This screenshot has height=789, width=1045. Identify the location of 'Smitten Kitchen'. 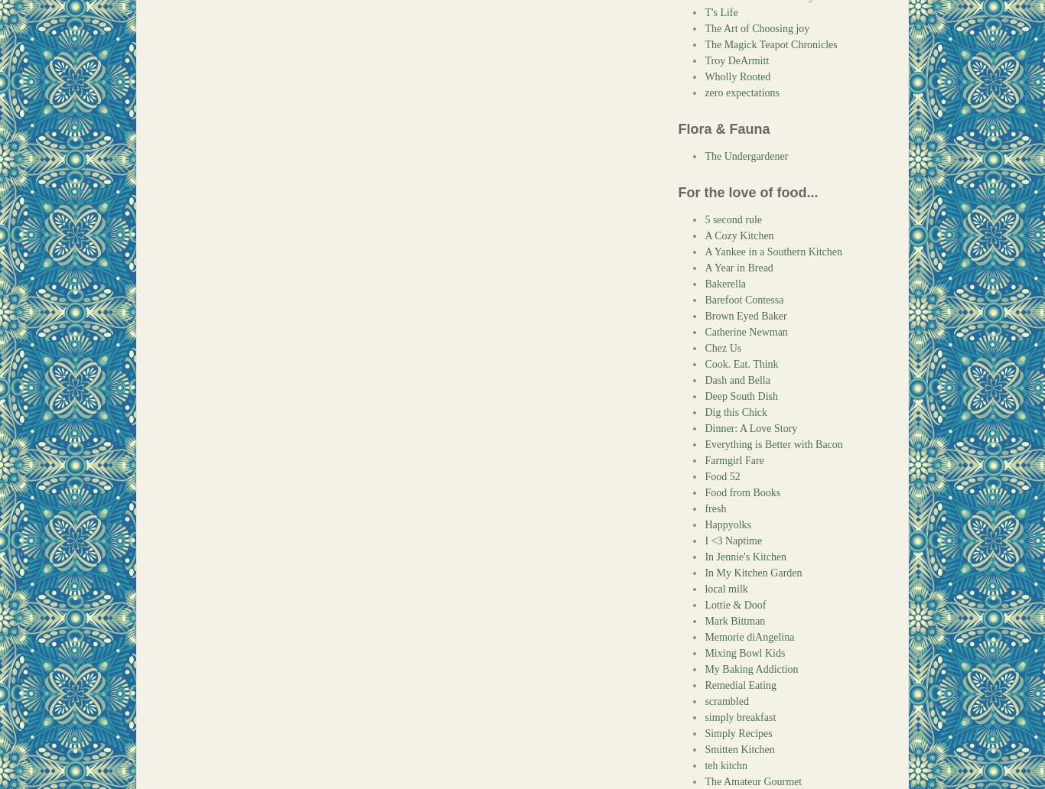
(739, 748).